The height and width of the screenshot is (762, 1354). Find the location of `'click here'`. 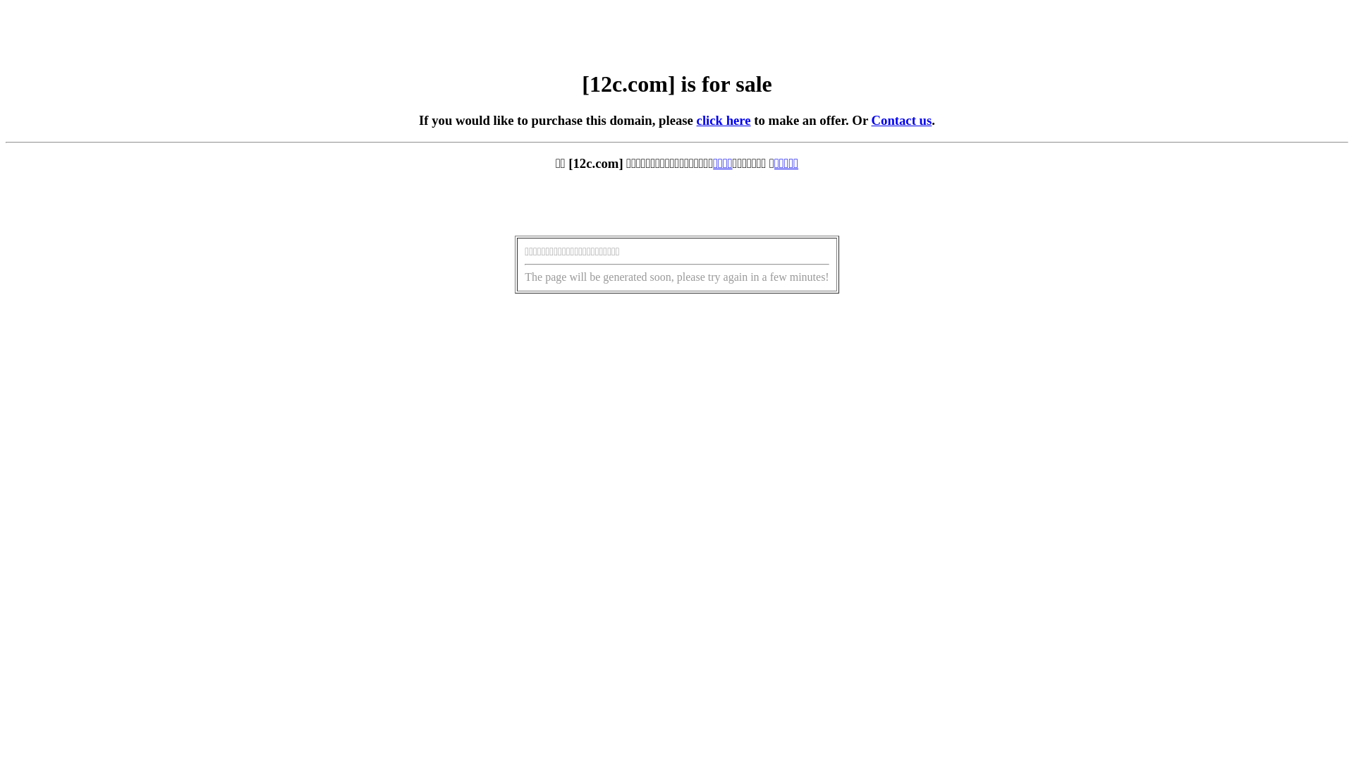

'click here' is located at coordinates (724, 119).